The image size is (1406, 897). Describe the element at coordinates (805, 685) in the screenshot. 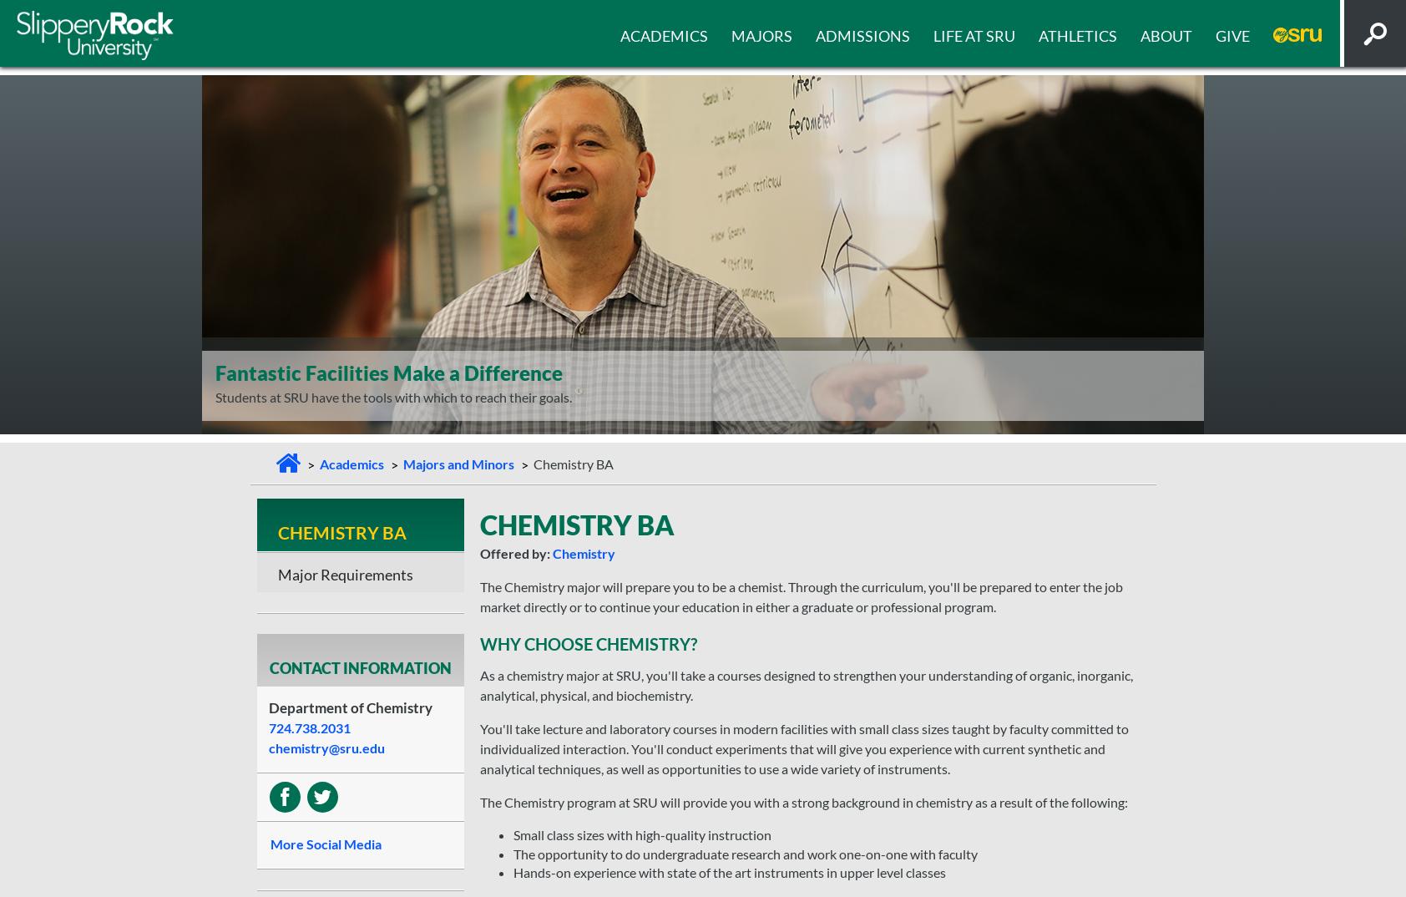

I see `'As a chemistry major at SRU, you'll take a courses designed to strengthen your understanding of organic, inorganic, analytical, physical, and biochemistry.'` at that location.